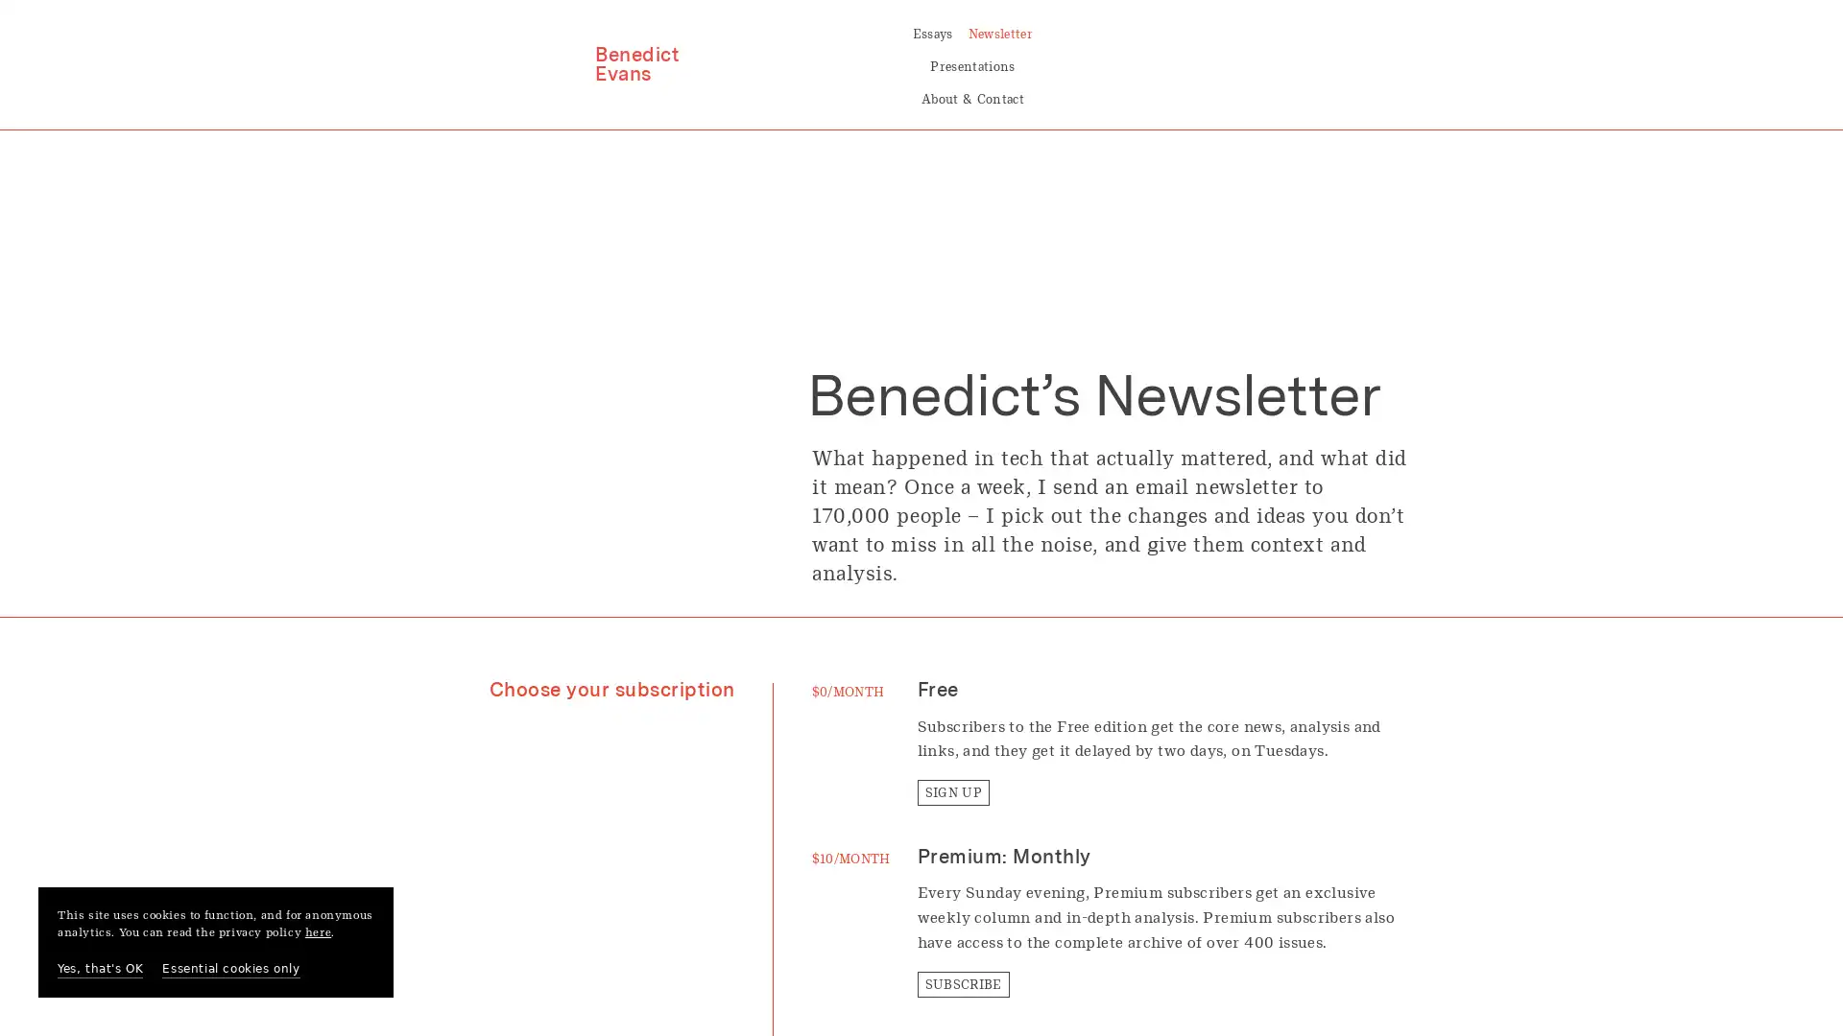 This screenshot has width=1843, height=1036. I want to click on Yes, that's OK, so click(99, 969).